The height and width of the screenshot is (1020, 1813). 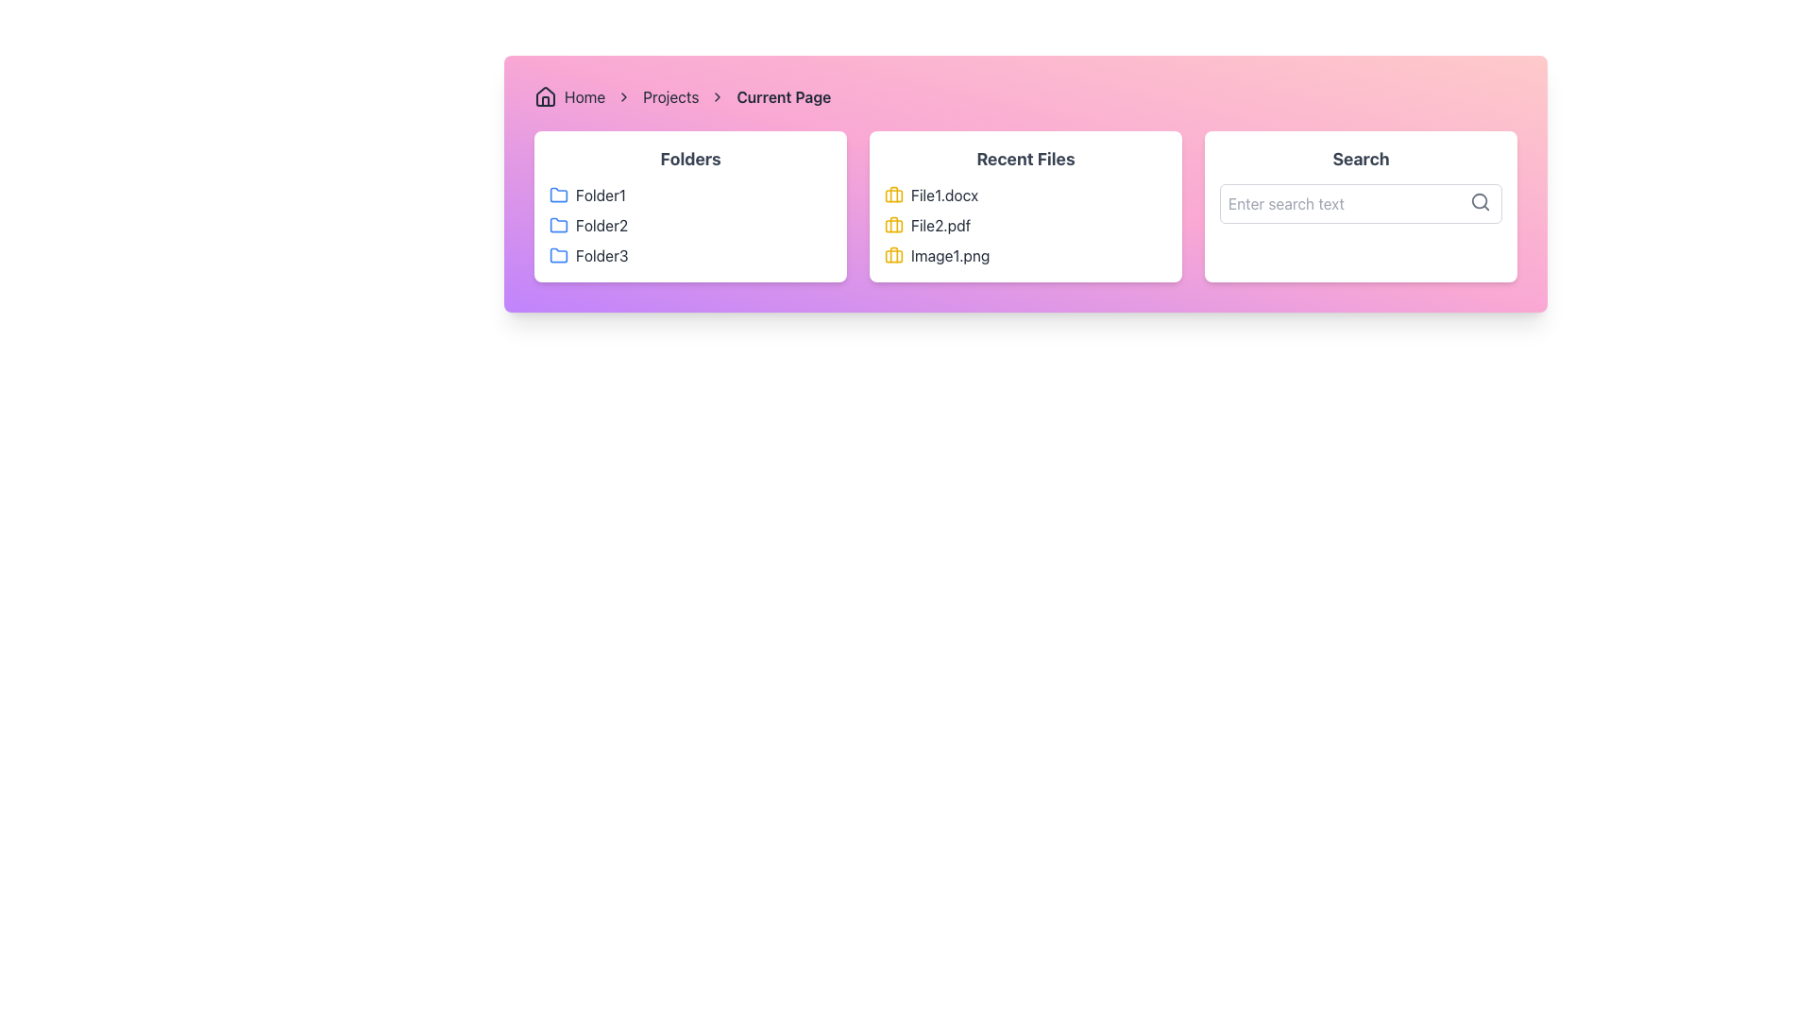 What do you see at coordinates (670, 97) in the screenshot?
I see `the 'Projects' hyperlink in the breadcrumb navigation bar` at bounding box center [670, 97].